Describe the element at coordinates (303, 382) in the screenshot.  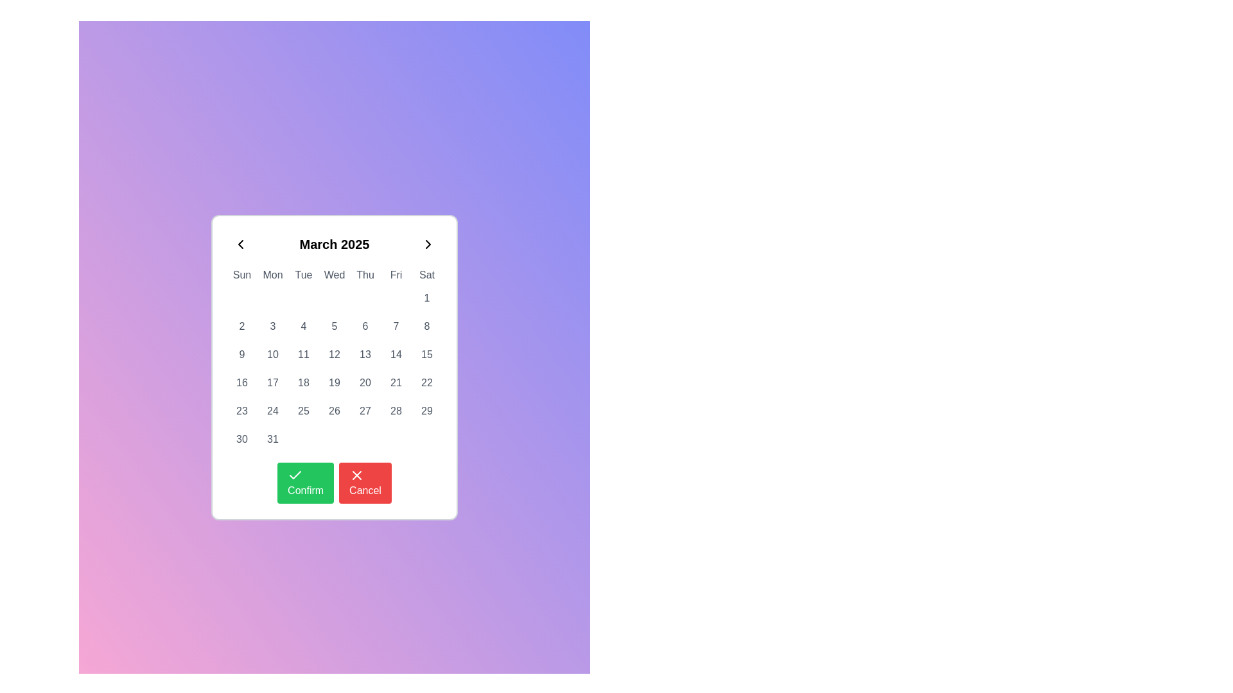
I see `the selectable date button for the 18th of March 2025 located in the third column of the fourth row of the calendar UI` at that location.